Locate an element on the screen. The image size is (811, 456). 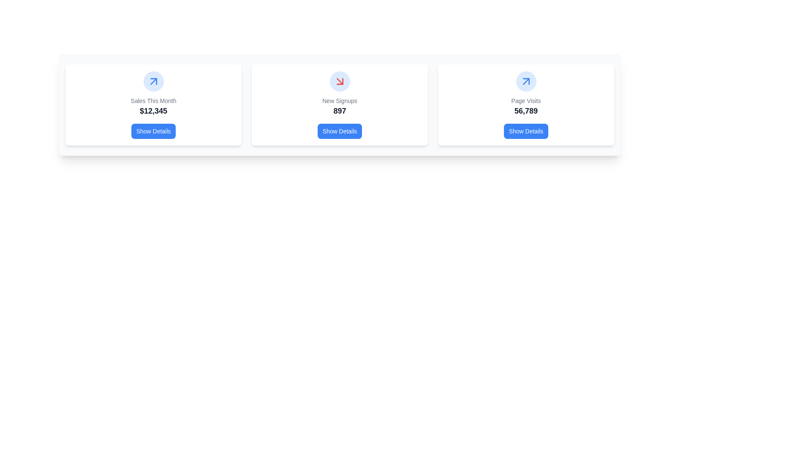
the upward movement icon representing growth for the 'Sales This Month' card, which is located at the top center of the card layout is located at coordinates (153, 81).